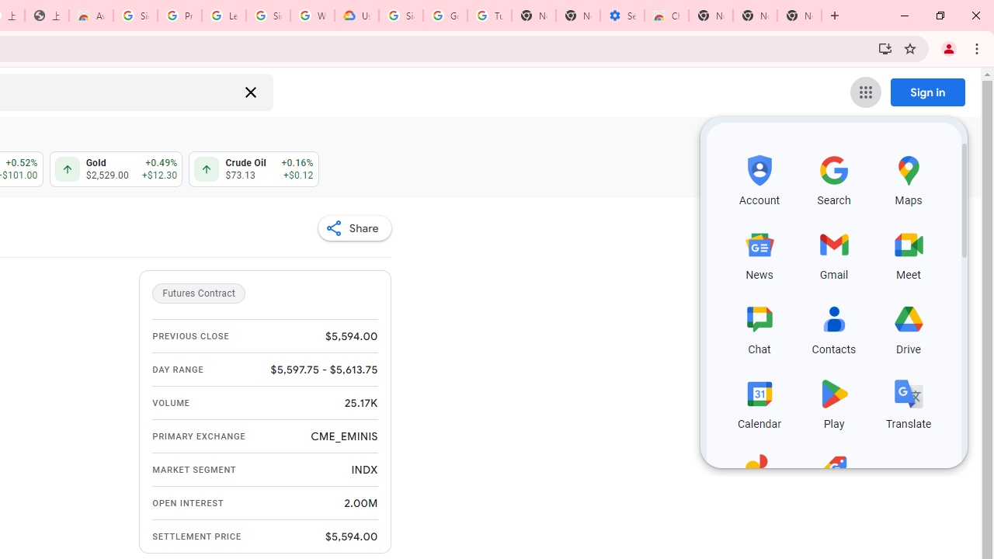  I want to click on 'Clear search', so click(250, 92).